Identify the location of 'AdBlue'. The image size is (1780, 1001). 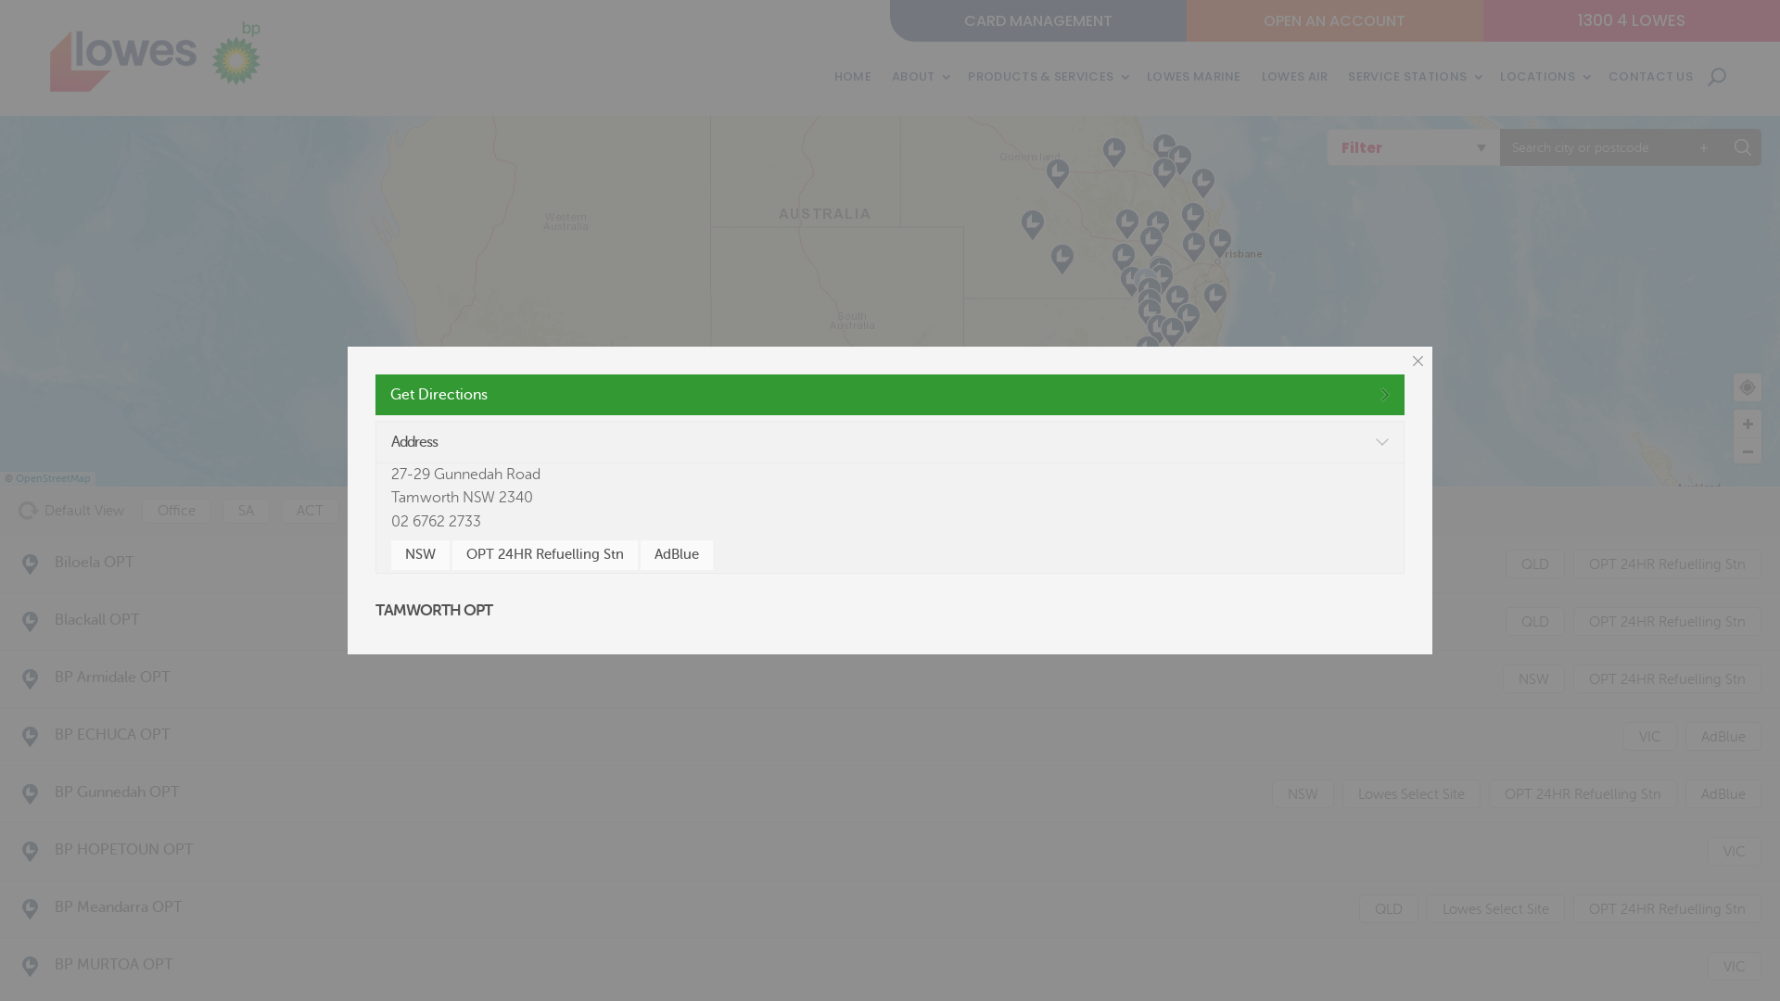
(675, 553).